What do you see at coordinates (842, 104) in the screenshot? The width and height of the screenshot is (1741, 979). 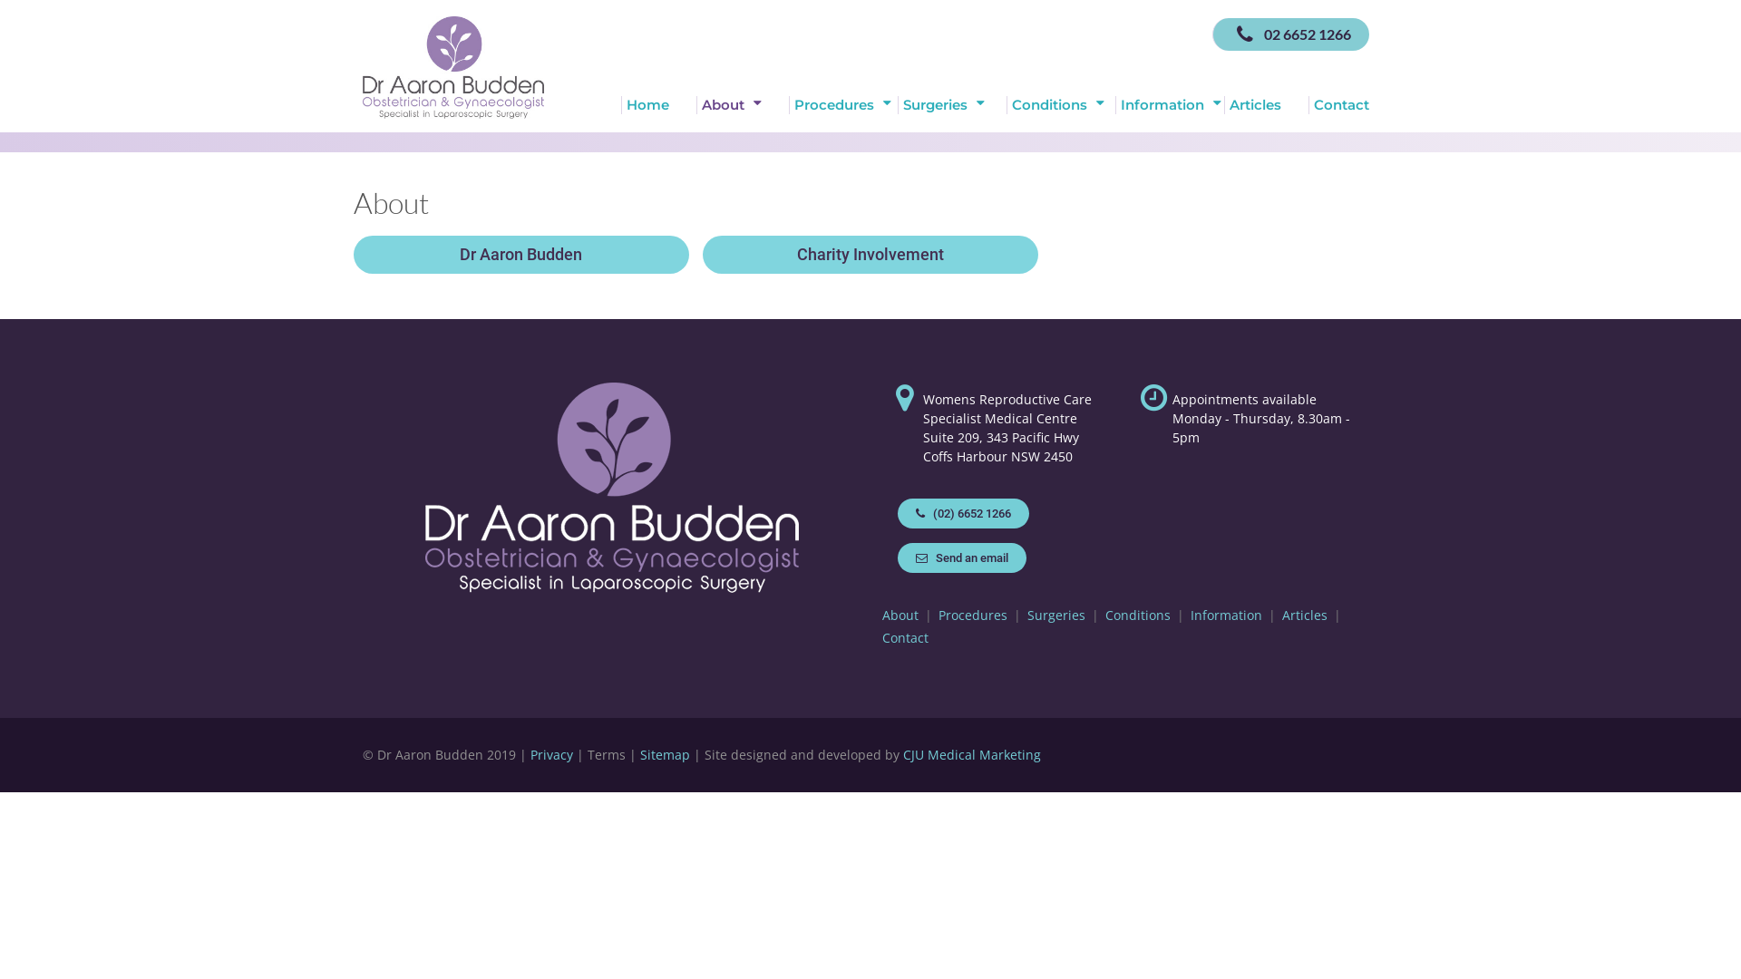 I see `'Procedures'` at bounding box center [842, 104].